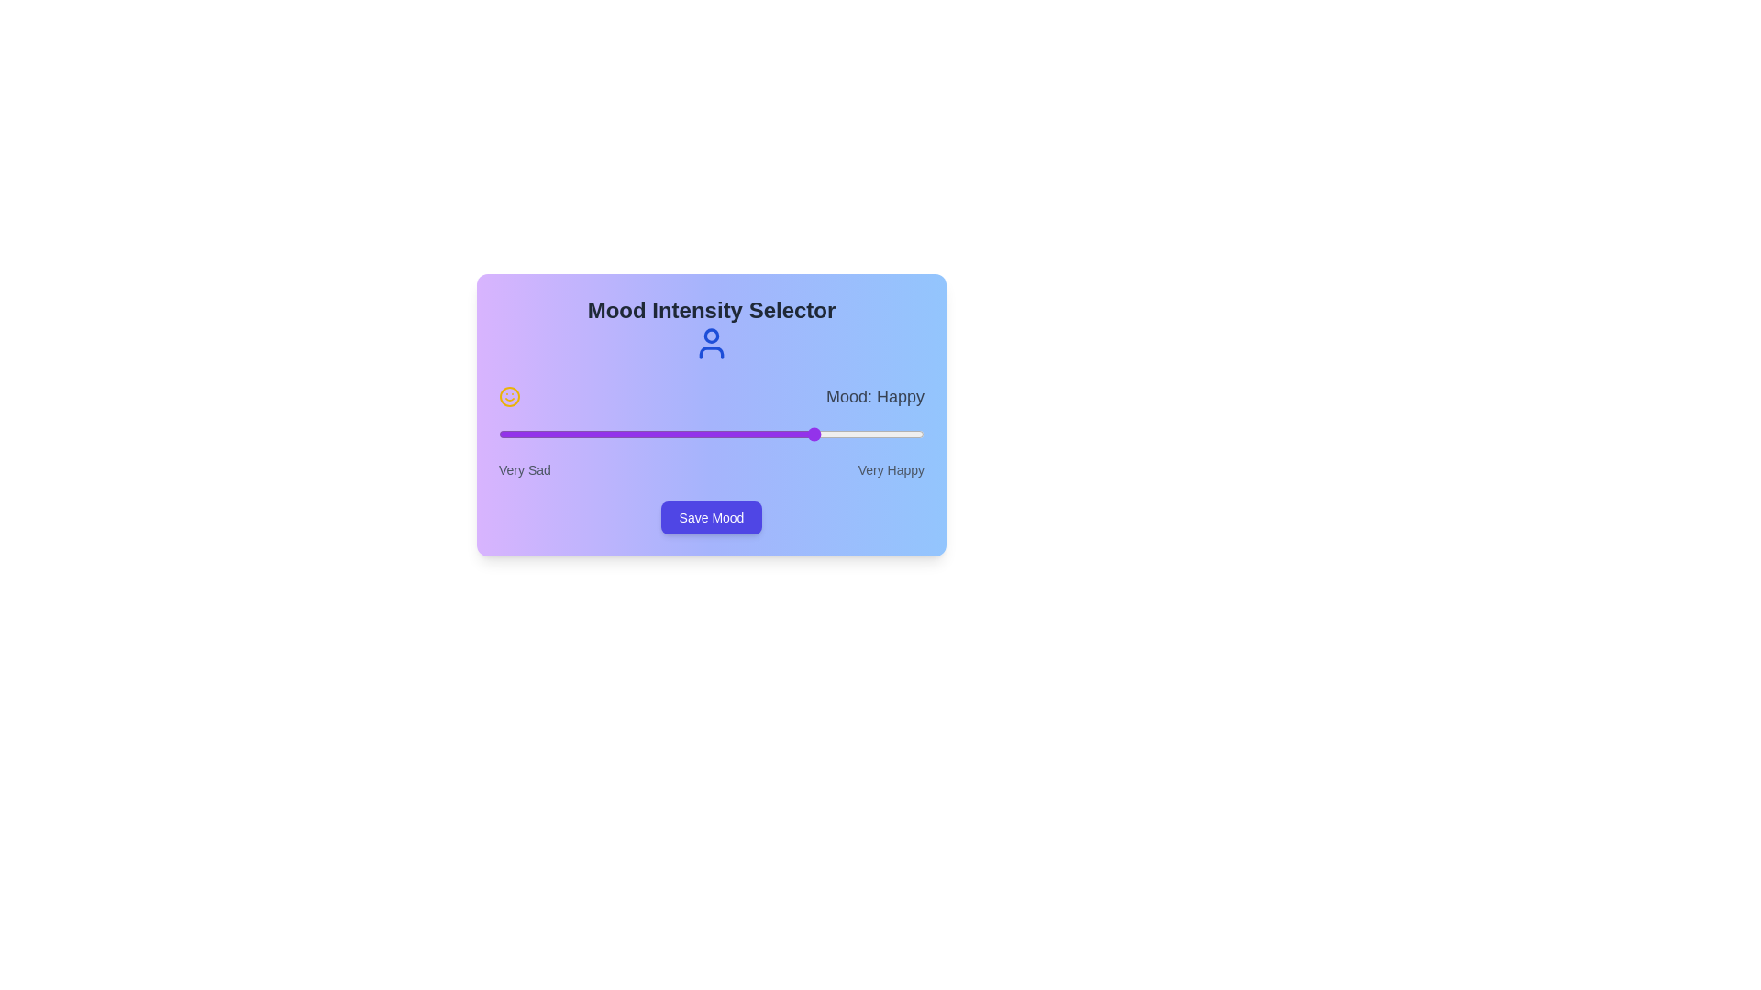  Describe the element at coordinates (498, 434) in the screenshot. I see `the mood level slider to 0` at that location.